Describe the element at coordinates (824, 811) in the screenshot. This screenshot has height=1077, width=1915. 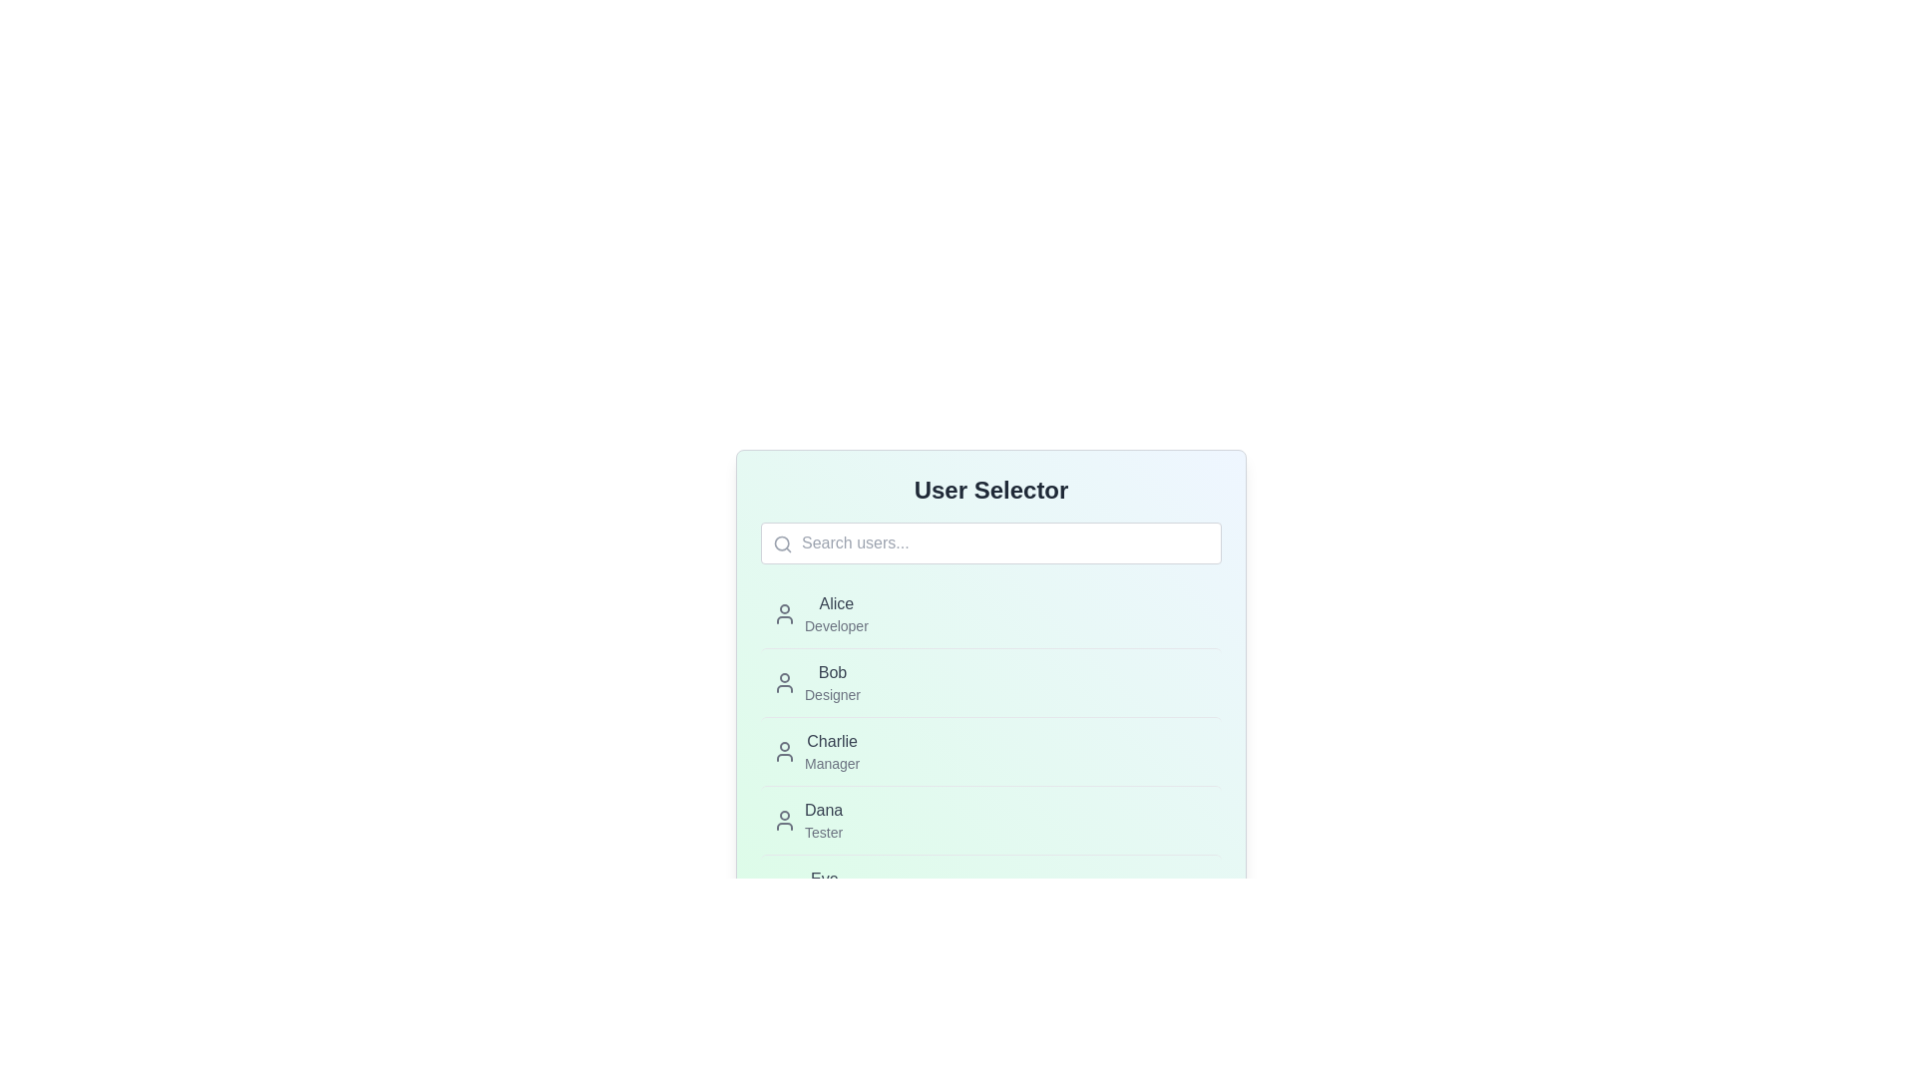
I see `text label displaying the name 'Dana' which is styled with a medium font weight and gray color, located in the user selection interface` at that location.